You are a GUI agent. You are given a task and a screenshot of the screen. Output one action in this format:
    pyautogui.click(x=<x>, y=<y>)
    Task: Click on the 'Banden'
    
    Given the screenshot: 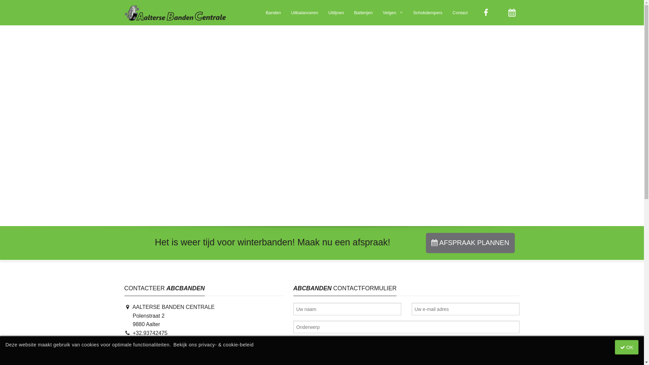 What is the action you would take?
    pyautogui.click(x=260, y=13)
    